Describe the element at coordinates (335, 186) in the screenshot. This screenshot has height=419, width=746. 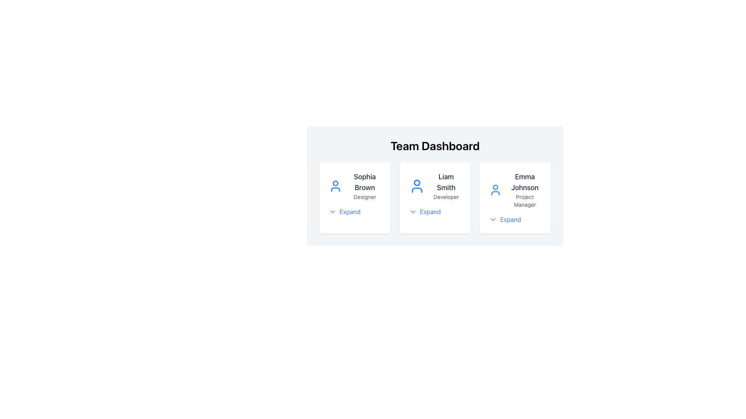
I see `the SVG Icon representing the user profile of Sophia Brown, located in the first column of the Team Dashboard section` at that location.